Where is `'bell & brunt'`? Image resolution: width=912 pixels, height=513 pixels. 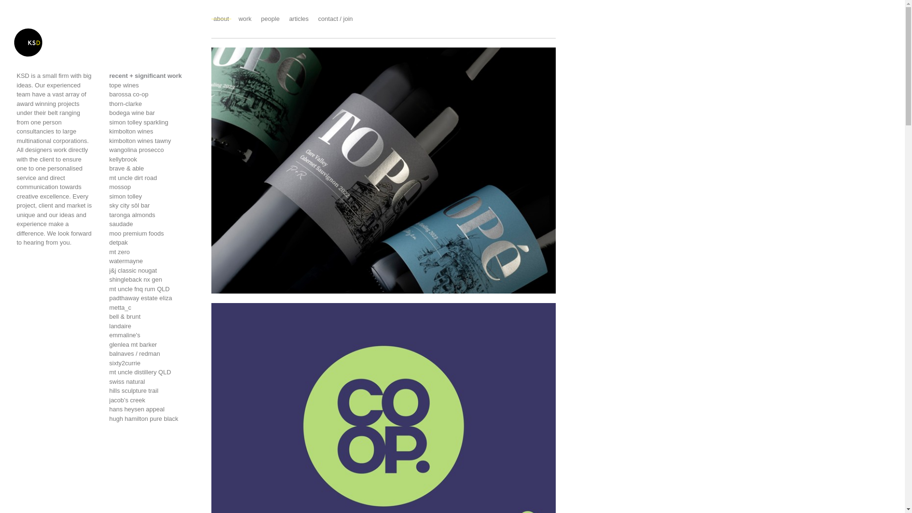 'bell & brunt' is located at coordinates (109, 317).